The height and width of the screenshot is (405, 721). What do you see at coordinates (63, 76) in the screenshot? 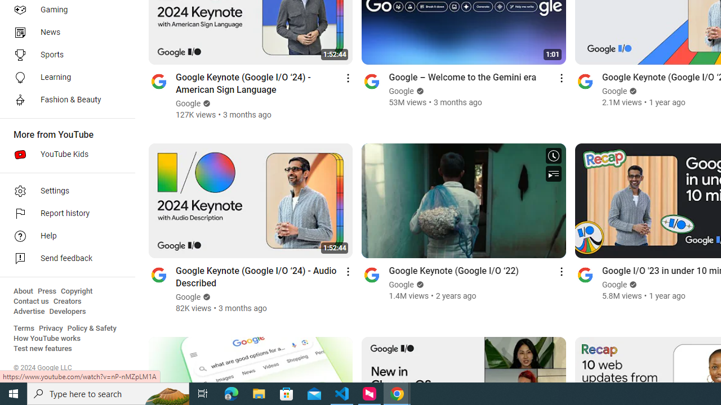
I see `'Learning'` at bounding box center [63, 76].